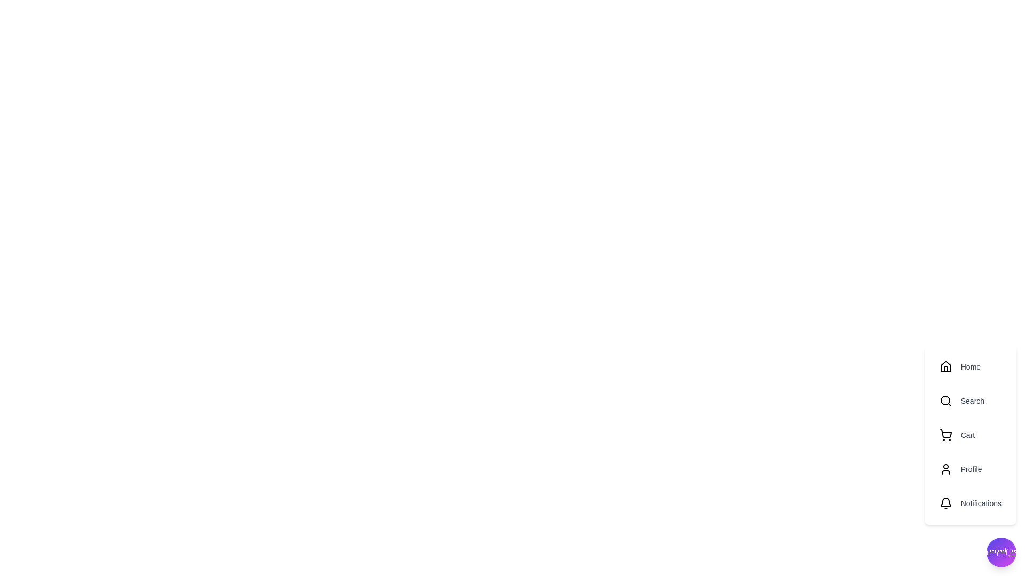 Image resolution: width=1025 pixels, height=576 pixels. What do you see at coordinates (970, 435) in the screenshot?
I see `the 'Cart' option in the menu` at bounding box center [970, 435].